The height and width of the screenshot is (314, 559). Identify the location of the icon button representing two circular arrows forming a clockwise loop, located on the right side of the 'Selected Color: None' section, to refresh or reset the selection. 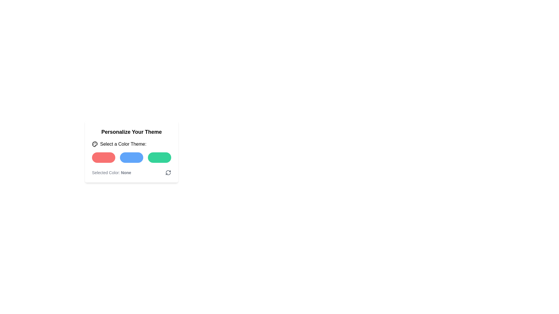
(168, 172).